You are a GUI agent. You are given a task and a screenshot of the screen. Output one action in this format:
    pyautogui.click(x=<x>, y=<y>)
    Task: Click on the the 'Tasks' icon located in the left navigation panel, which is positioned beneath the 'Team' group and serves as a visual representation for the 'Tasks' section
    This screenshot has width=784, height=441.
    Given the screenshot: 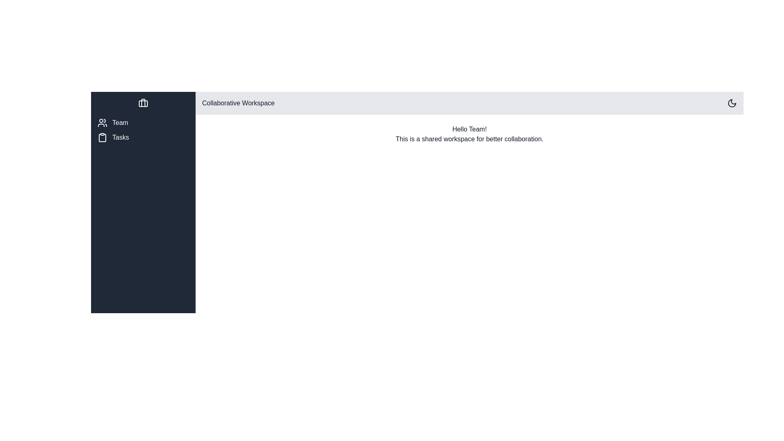 What is the action you would take?
    pyautogui.click(x=102, y=137)
    